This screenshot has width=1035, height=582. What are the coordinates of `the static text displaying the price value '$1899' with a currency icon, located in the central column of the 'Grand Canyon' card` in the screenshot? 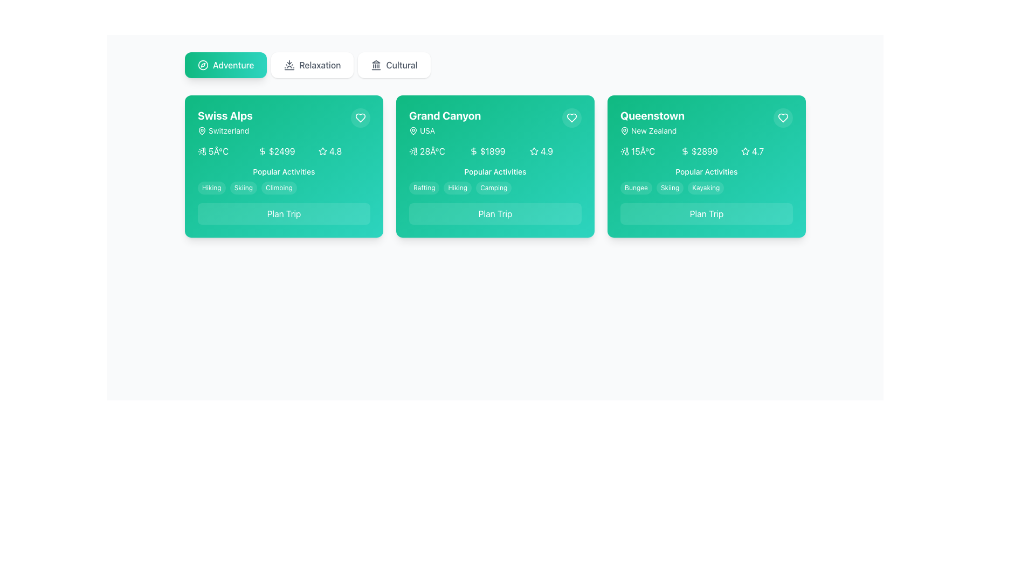 It's located at (494, 151).